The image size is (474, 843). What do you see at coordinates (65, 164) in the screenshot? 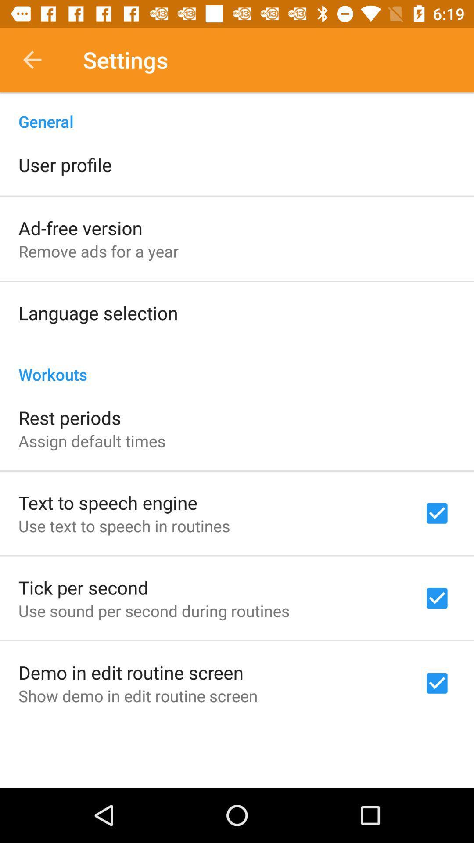
I see `the user profile` at bounding box center [65, 164].